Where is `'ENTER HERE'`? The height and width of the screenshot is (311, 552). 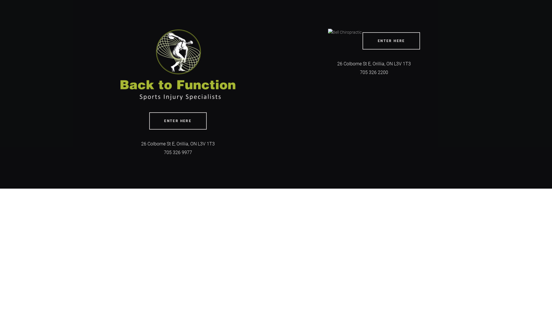 'ENTER HERE' is located at coordinates (178, 121).